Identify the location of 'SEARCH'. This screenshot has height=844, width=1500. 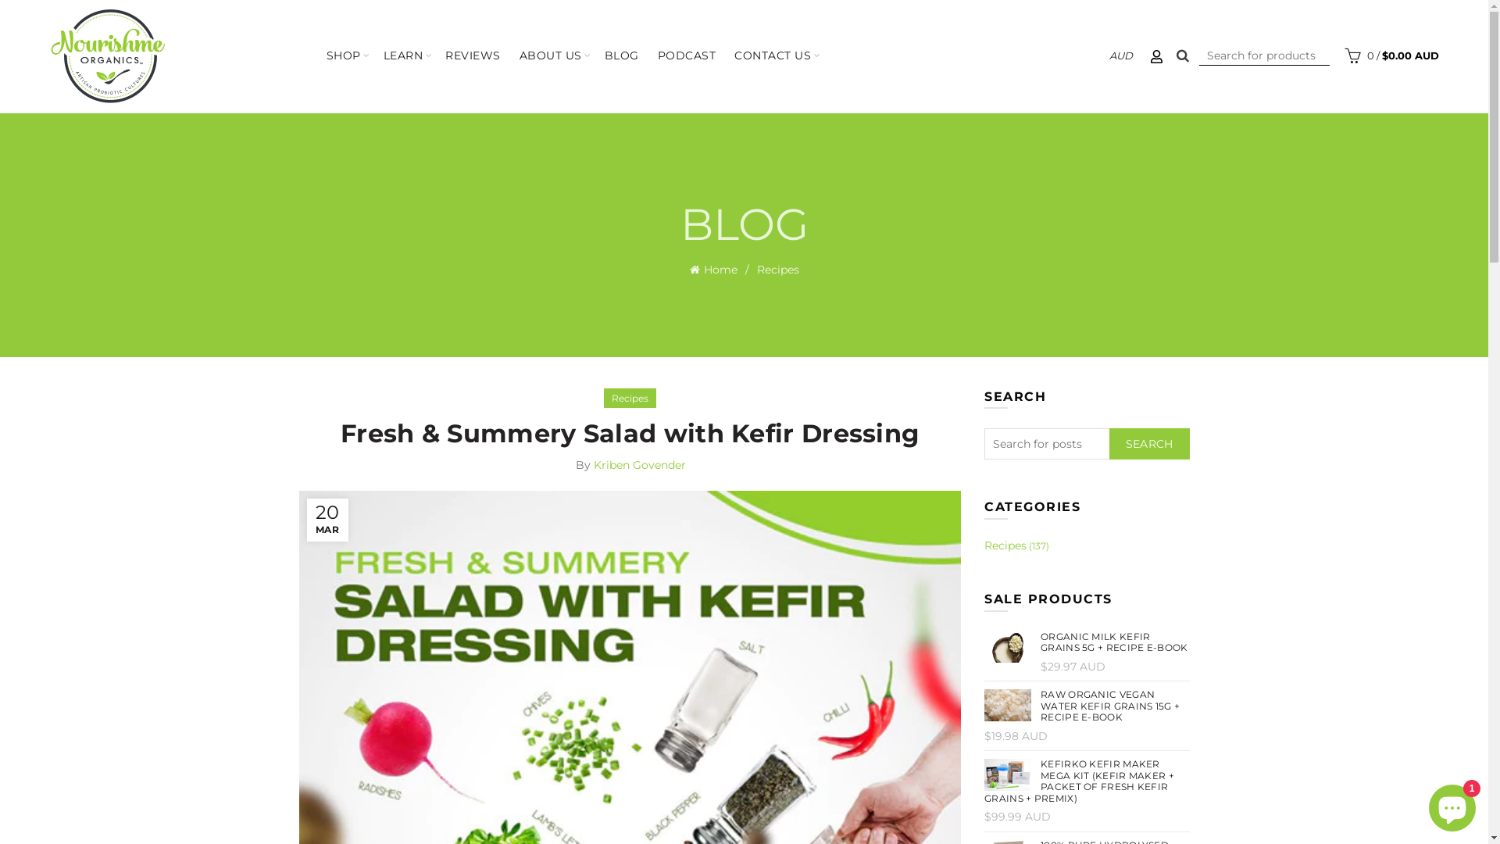
(1149, 443).